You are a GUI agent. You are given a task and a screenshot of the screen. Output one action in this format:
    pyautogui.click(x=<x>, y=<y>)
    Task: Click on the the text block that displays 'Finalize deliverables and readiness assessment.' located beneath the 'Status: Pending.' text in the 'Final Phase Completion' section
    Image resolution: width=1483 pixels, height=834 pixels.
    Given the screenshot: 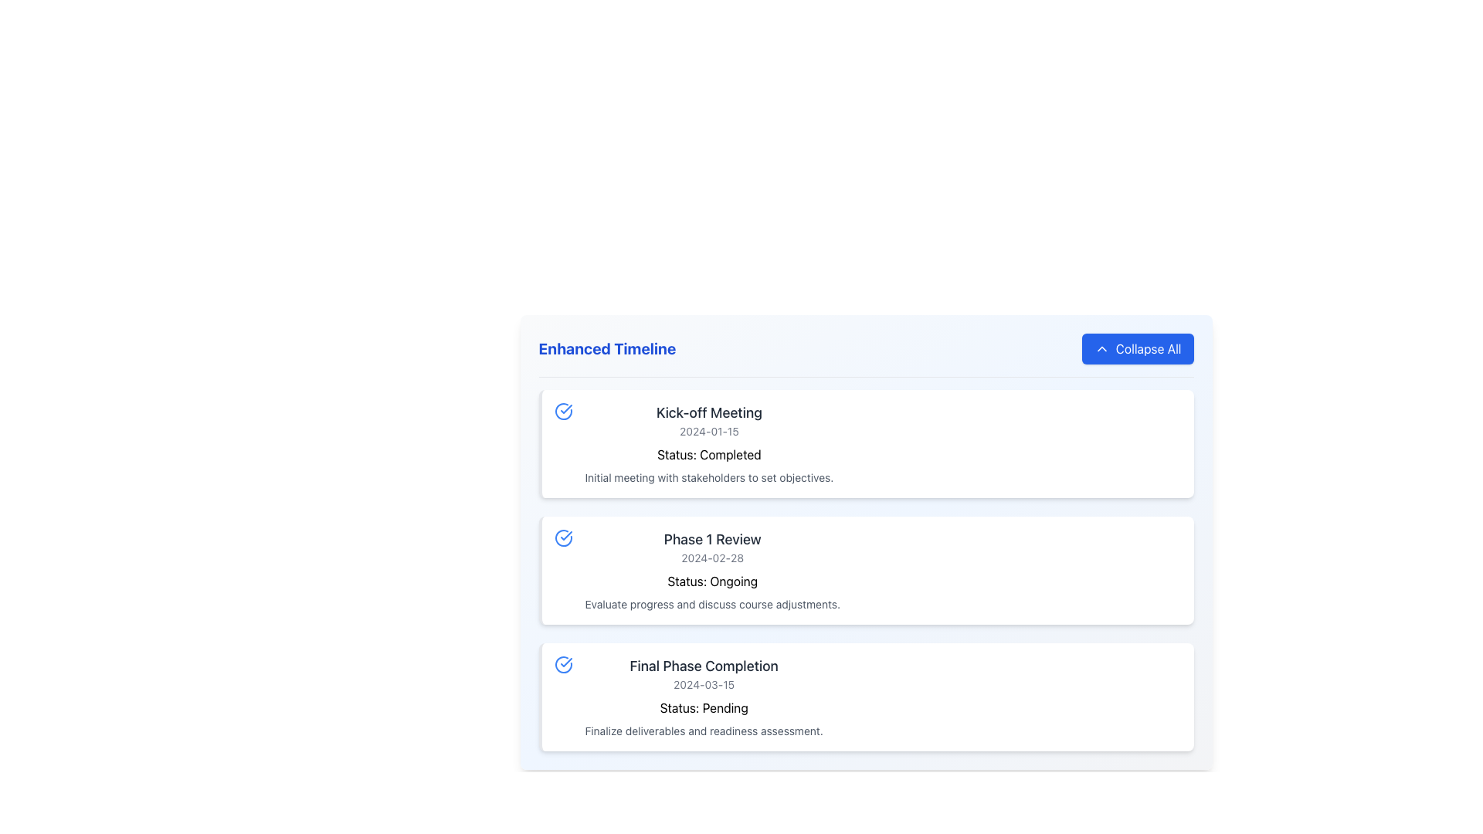 What is the action you would take?
    pyautogui.click(x=703, y=731)
    